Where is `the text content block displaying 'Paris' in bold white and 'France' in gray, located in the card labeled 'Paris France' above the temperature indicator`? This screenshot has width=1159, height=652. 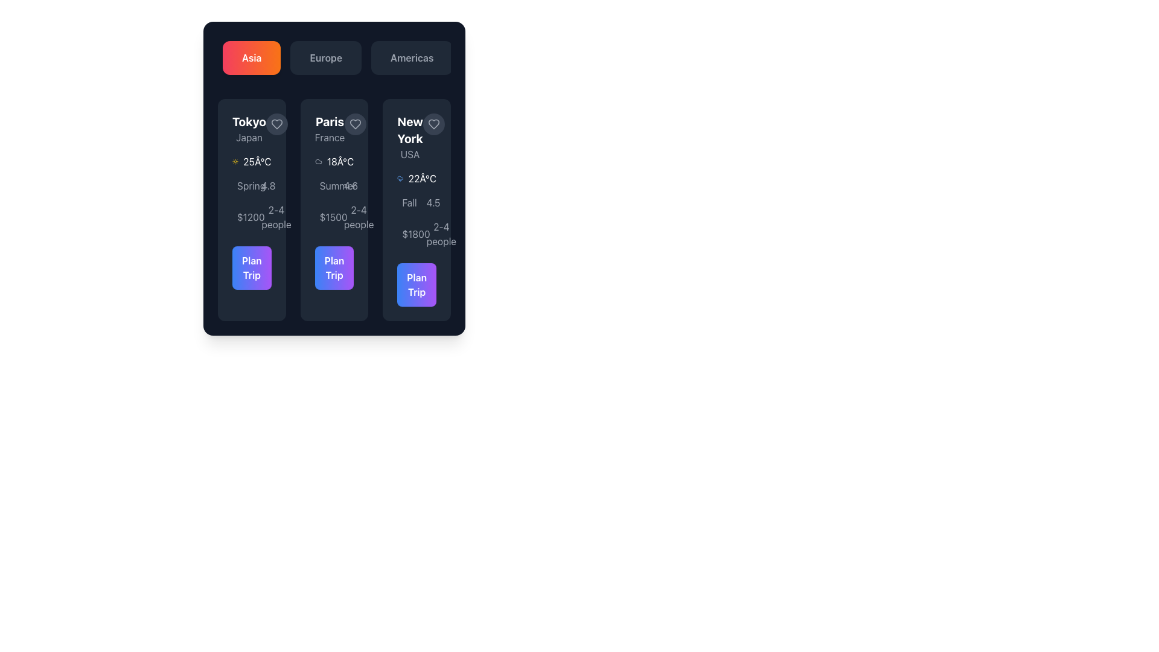
the text content block displaying 'Paris' in bold white and 'France' in gray, located in the card labeled 'Paris France' above the temperature indicator is located at coordinates (334, 129).